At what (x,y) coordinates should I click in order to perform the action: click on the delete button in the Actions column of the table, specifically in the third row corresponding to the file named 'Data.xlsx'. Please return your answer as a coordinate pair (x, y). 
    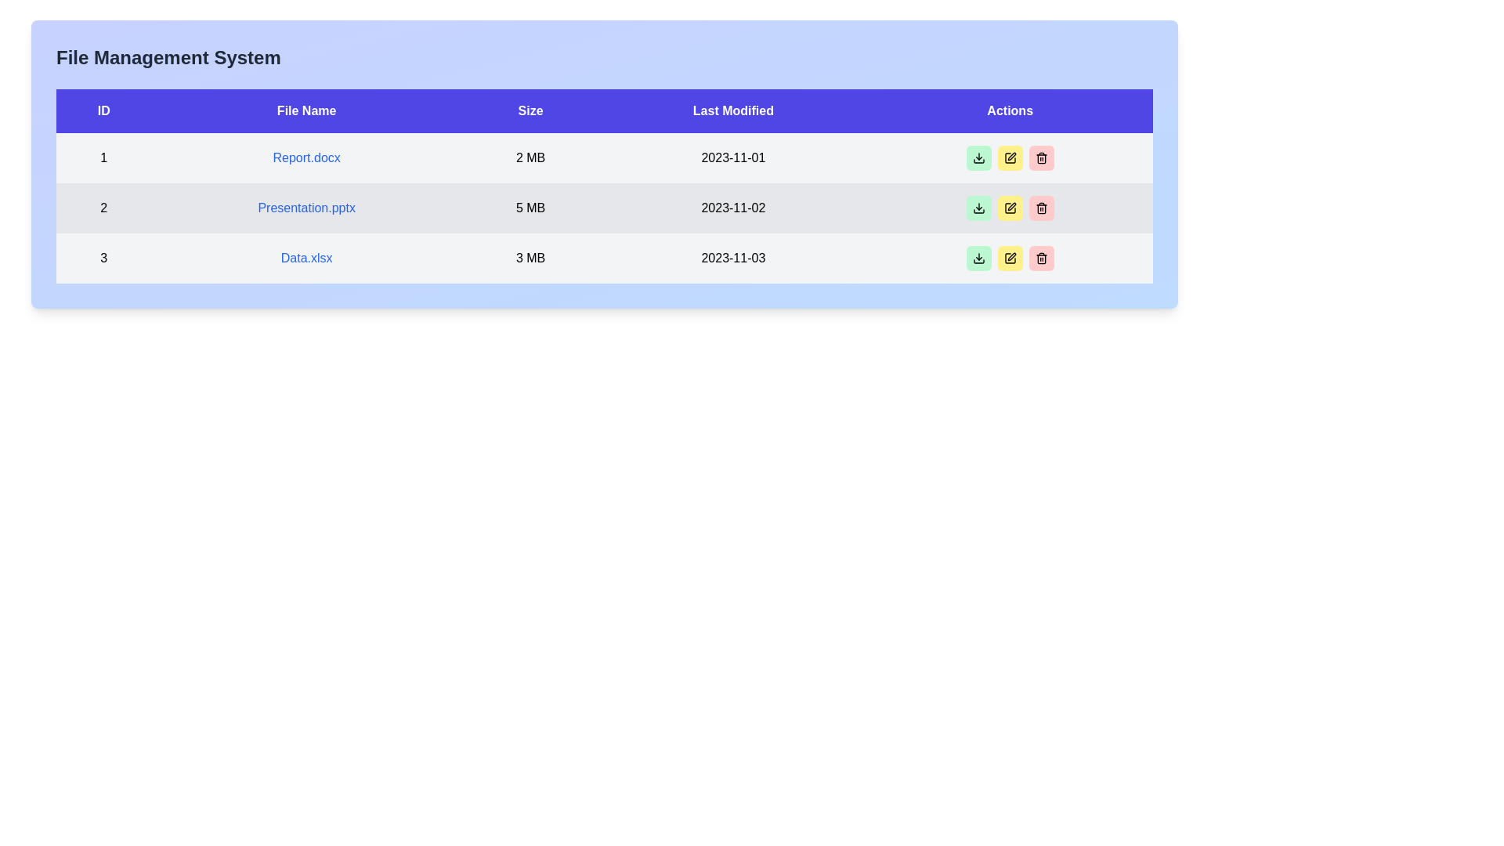
    Looking at the image, I should click on (1041, 258).